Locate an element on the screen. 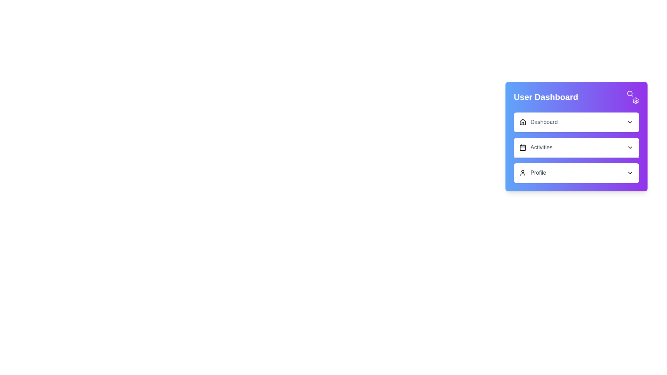 This screenshot has width=667, height=375. the chevron-down icon of the 'Dashboard' dropdown menu is located at coordinates (630, 122).